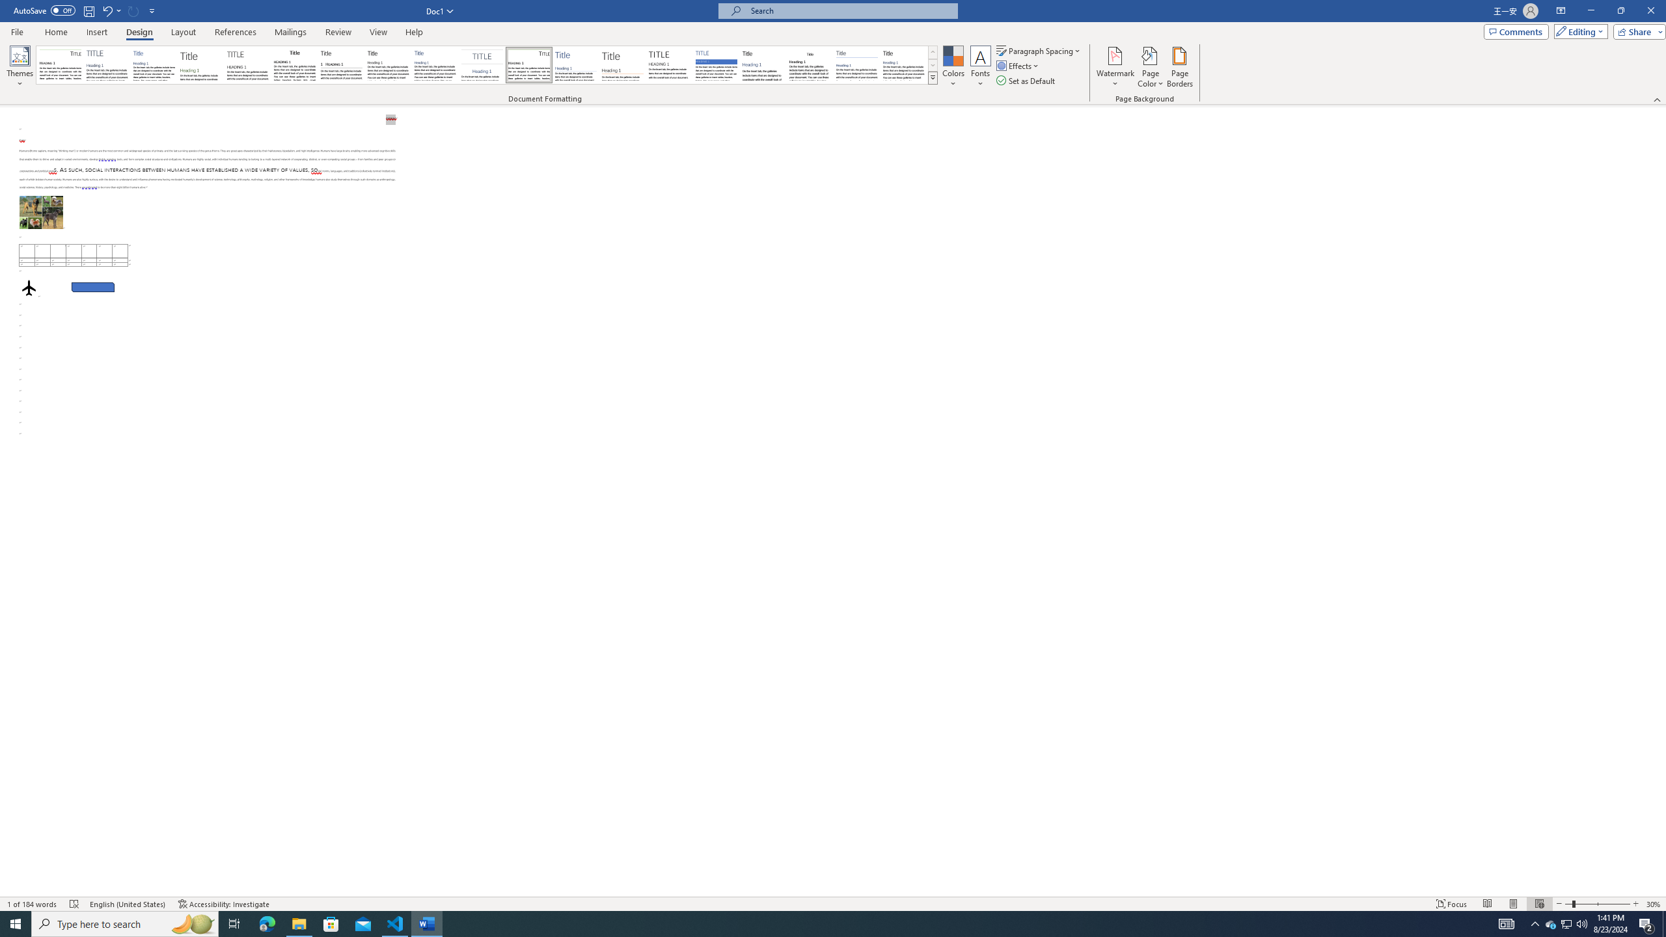 The height and width of the screenshot is (937, 1666). Describe the element at coordinates (19, 67) in the screenshot. I see `'Themes'` at that location.